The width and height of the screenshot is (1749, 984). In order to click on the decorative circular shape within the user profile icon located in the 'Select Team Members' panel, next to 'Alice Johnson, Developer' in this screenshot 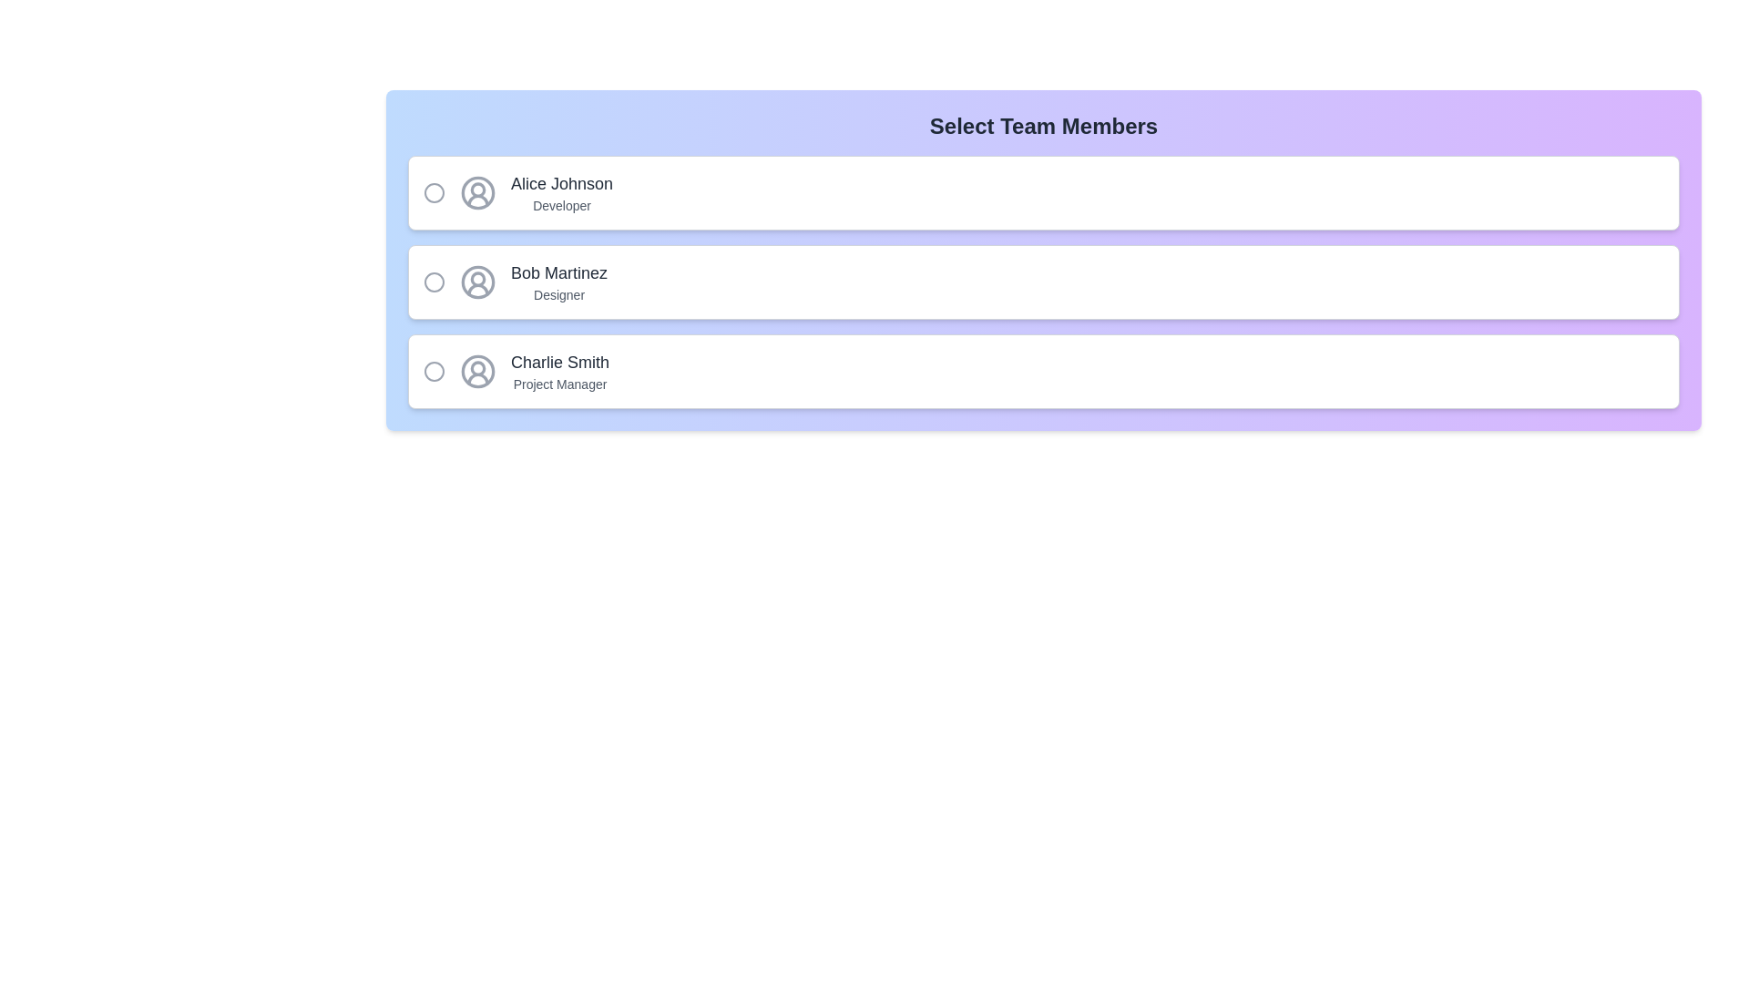, I will do `click(477, 190)`.